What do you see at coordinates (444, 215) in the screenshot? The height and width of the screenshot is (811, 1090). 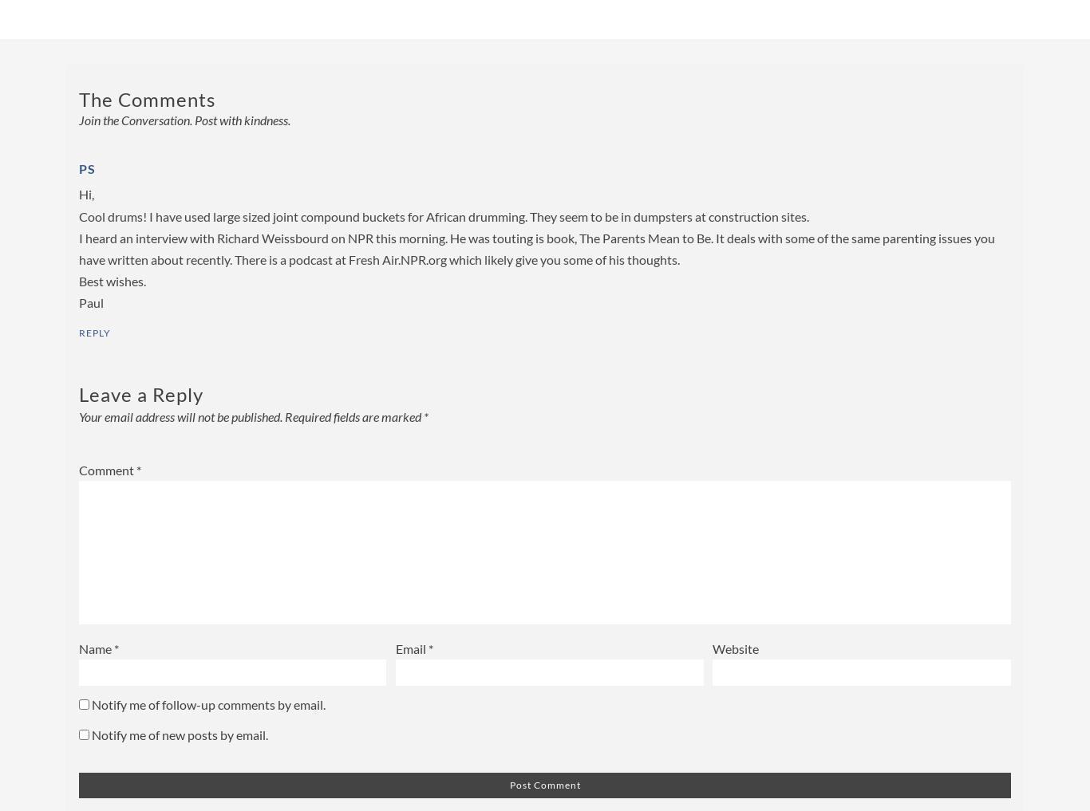 I see `'Cool drums!  I have used large sized joint compound buckets for African drumming.  They seem to be in dumpsters at construction sites.'` at bounding box center [444, 215].